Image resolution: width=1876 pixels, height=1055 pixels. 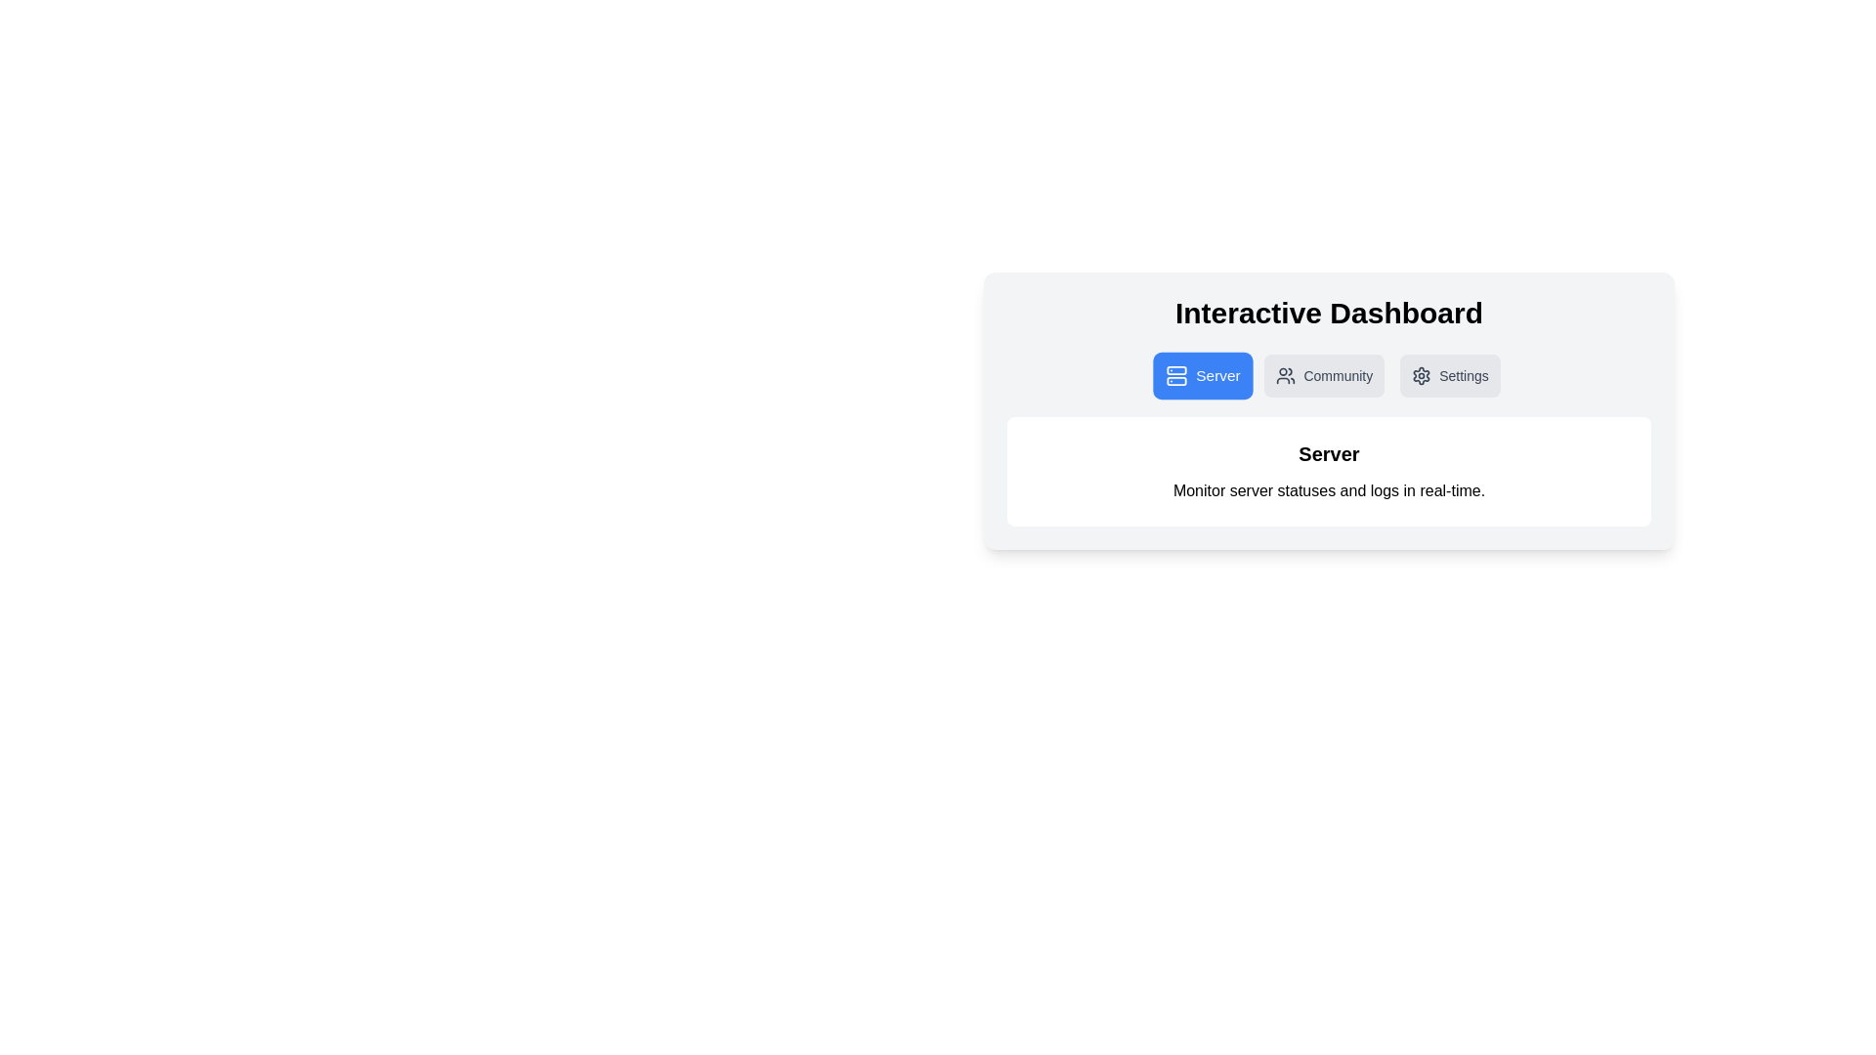 What do you see at coordinates (1450, 376) in the screenshot?
I see `the Settings tab to switch the displayed content` at bounding box center [1450, 376].